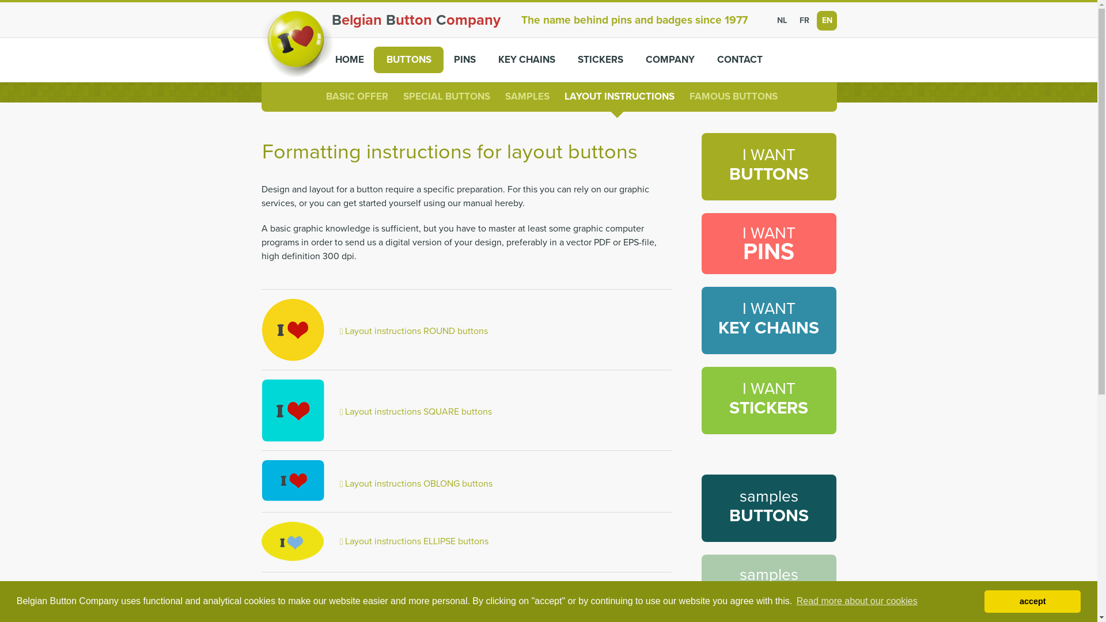 The width and height of the screenshot is (1106, 622). Describe the element at coordinates (738, 60) in the screenshot. I see `'CONTACT'` at that location.